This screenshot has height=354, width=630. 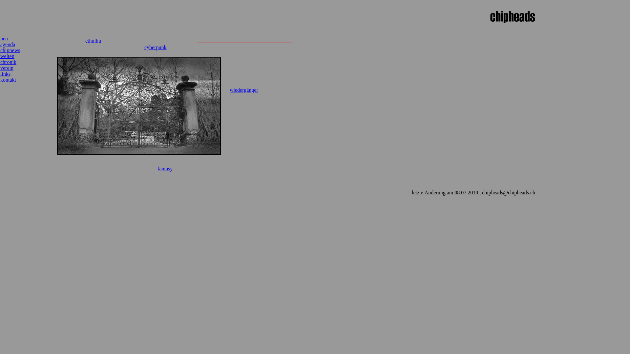 I want to click on 'chipnews', so click(x=10, y=50).